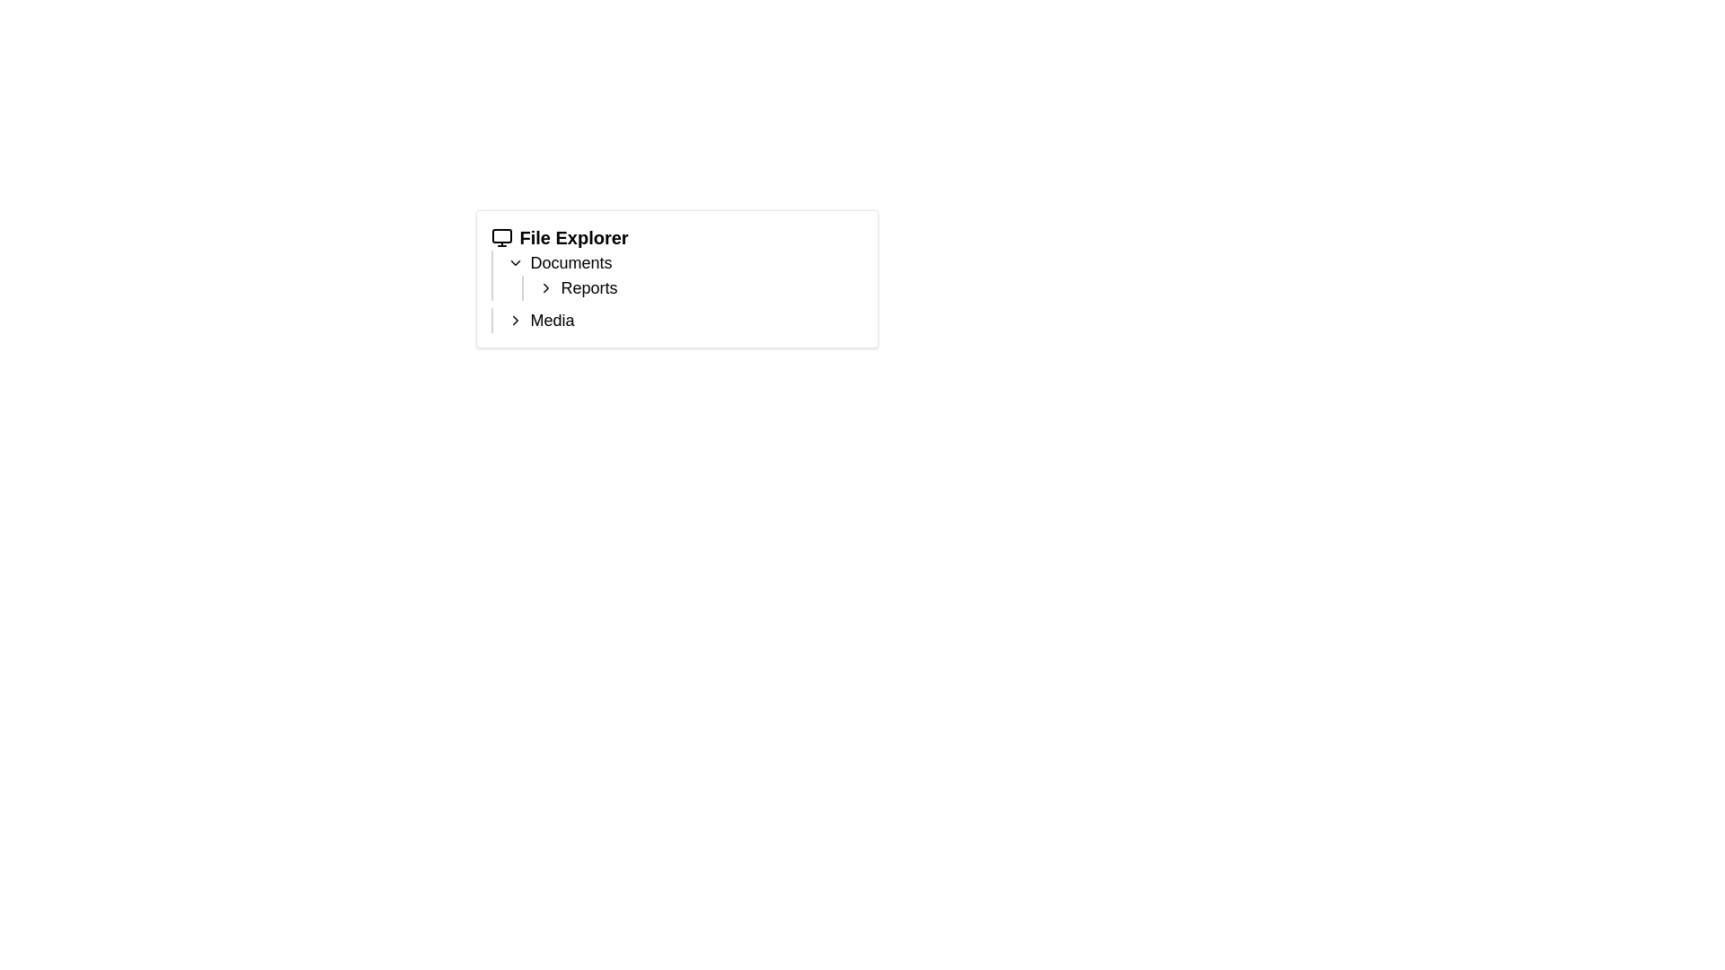 This screenshot has width=1725, height=970. I want to click on the computer monitor icon located to the left of the 'File Explorer' title, so click(501, 237).